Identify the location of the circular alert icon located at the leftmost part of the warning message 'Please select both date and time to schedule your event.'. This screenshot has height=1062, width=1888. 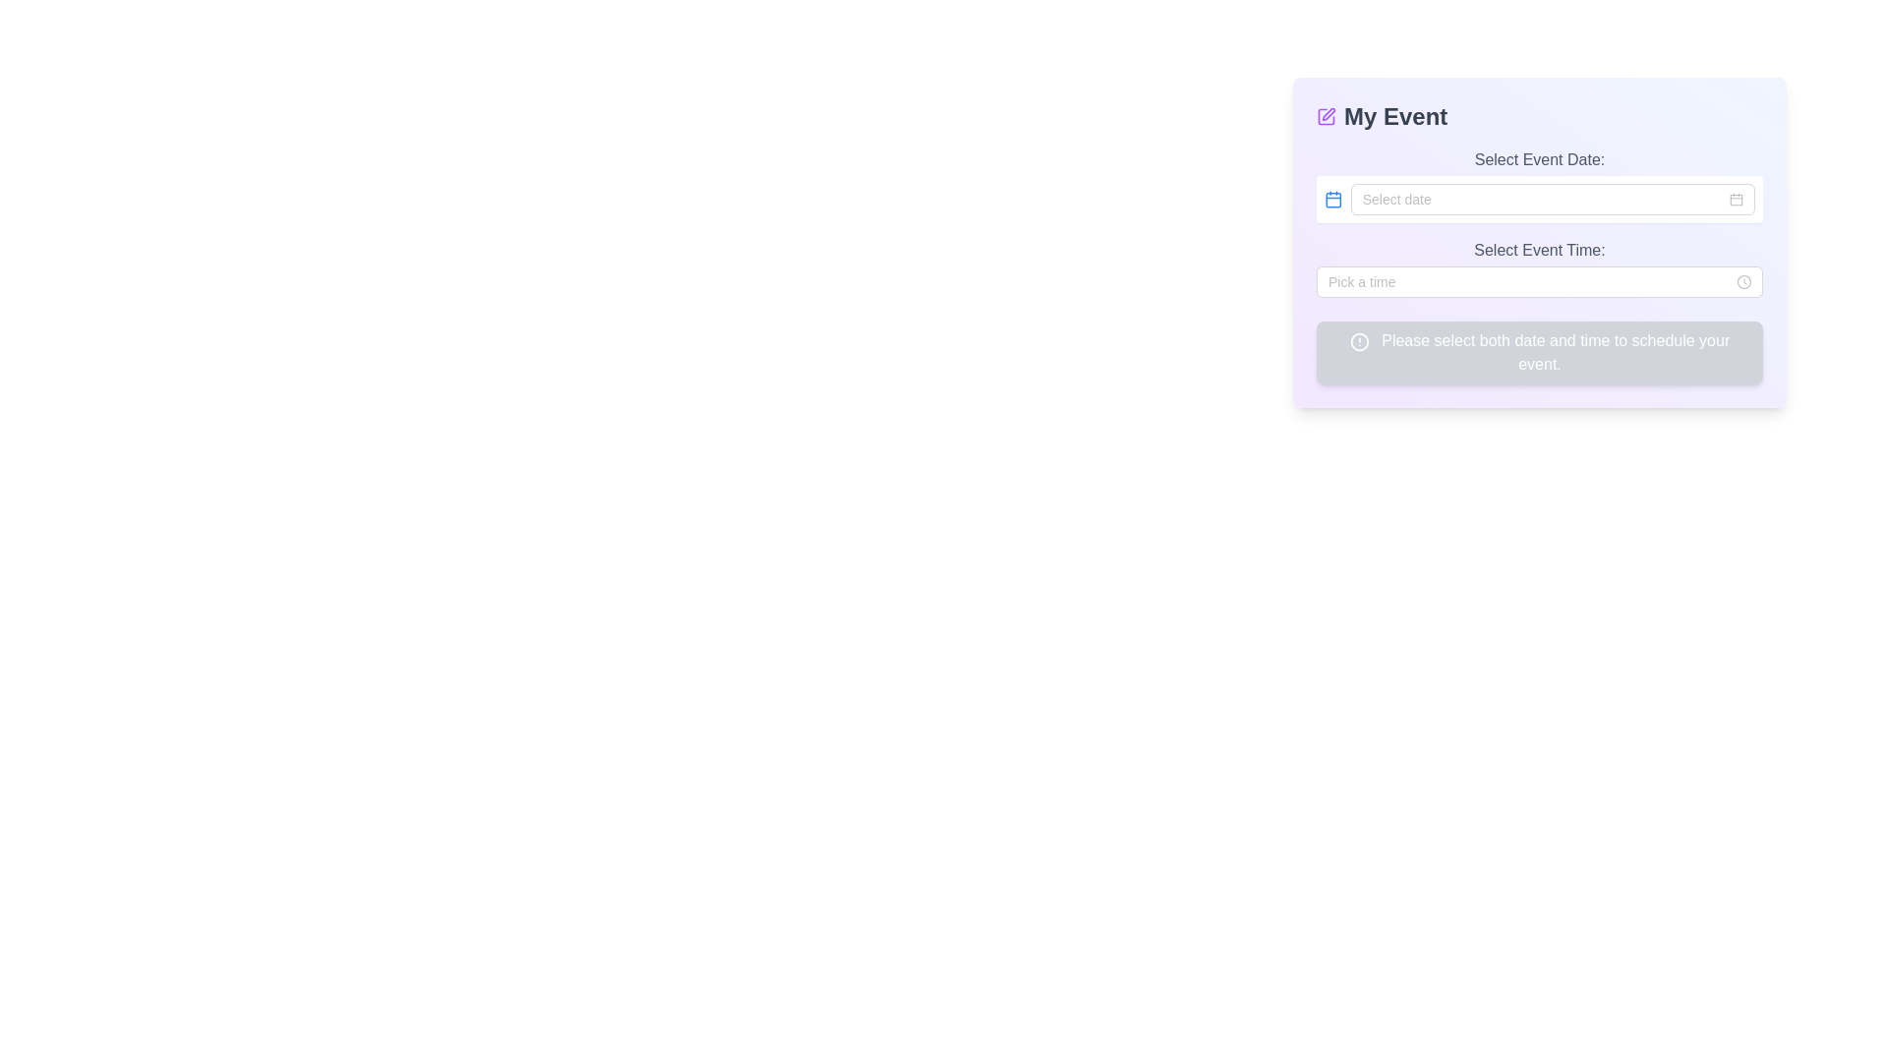
(1358, 340).